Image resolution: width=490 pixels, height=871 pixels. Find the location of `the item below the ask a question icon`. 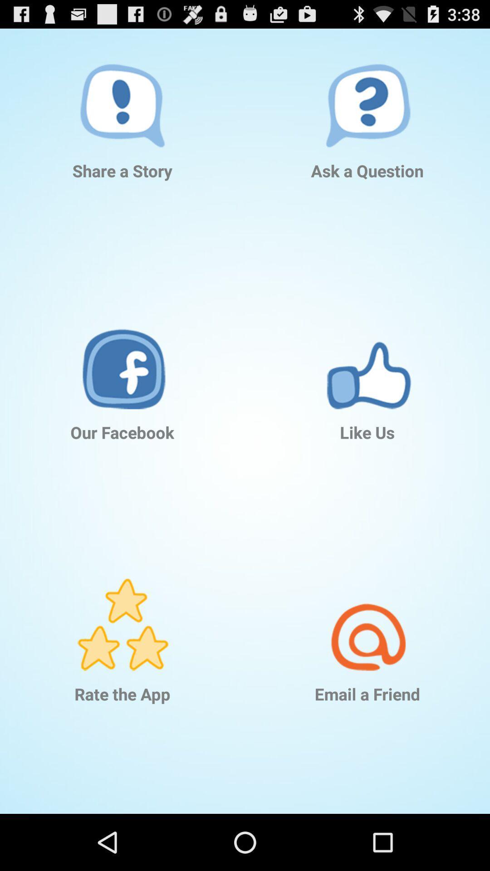

the item below the ask a question icon is located at coordinates (367, 349).